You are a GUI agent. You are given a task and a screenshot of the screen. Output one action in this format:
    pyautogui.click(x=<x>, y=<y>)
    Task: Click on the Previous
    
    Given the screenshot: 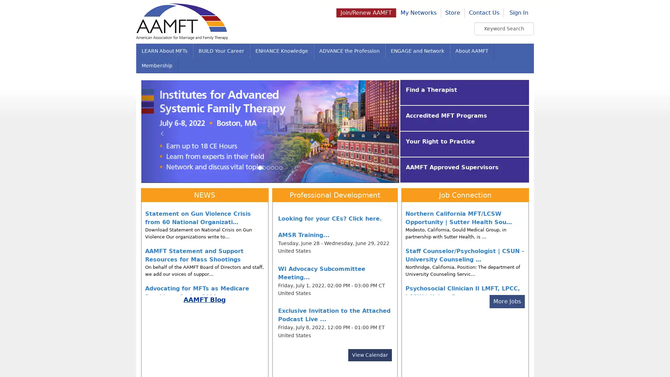 What is the action you would take?
    pyautogui.click(x=160, y=131)
    